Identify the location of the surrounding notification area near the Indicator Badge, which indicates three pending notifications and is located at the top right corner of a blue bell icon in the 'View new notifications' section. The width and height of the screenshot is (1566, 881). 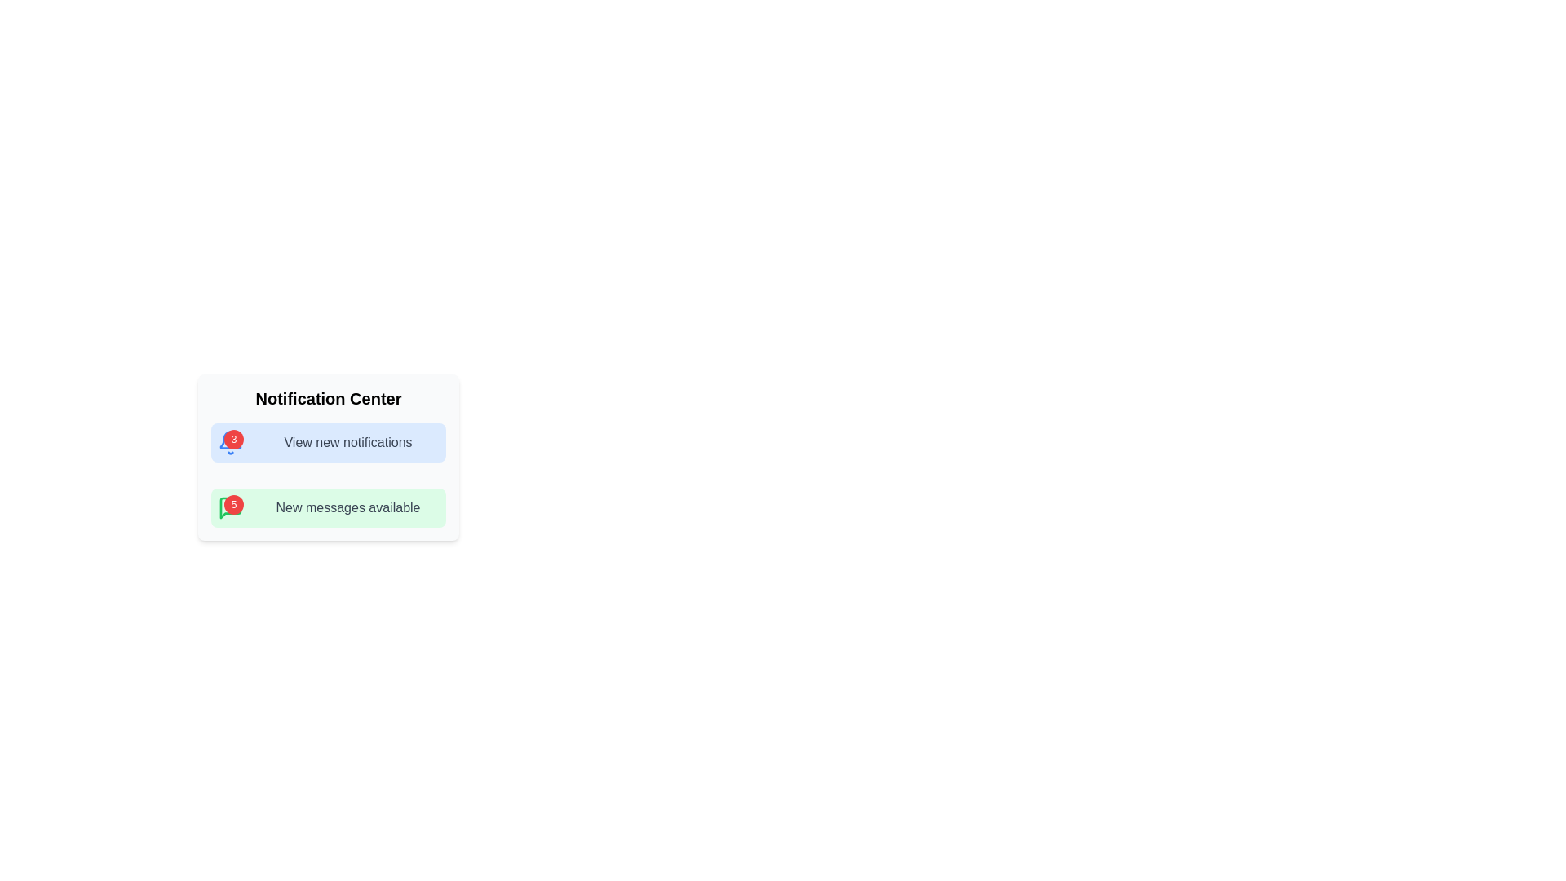
(230, 443).